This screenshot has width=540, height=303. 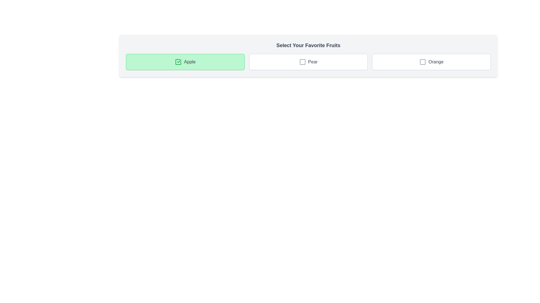 I want to click on the light green button labeled 'Apple' with a check icon, so click(x=185, y=62).